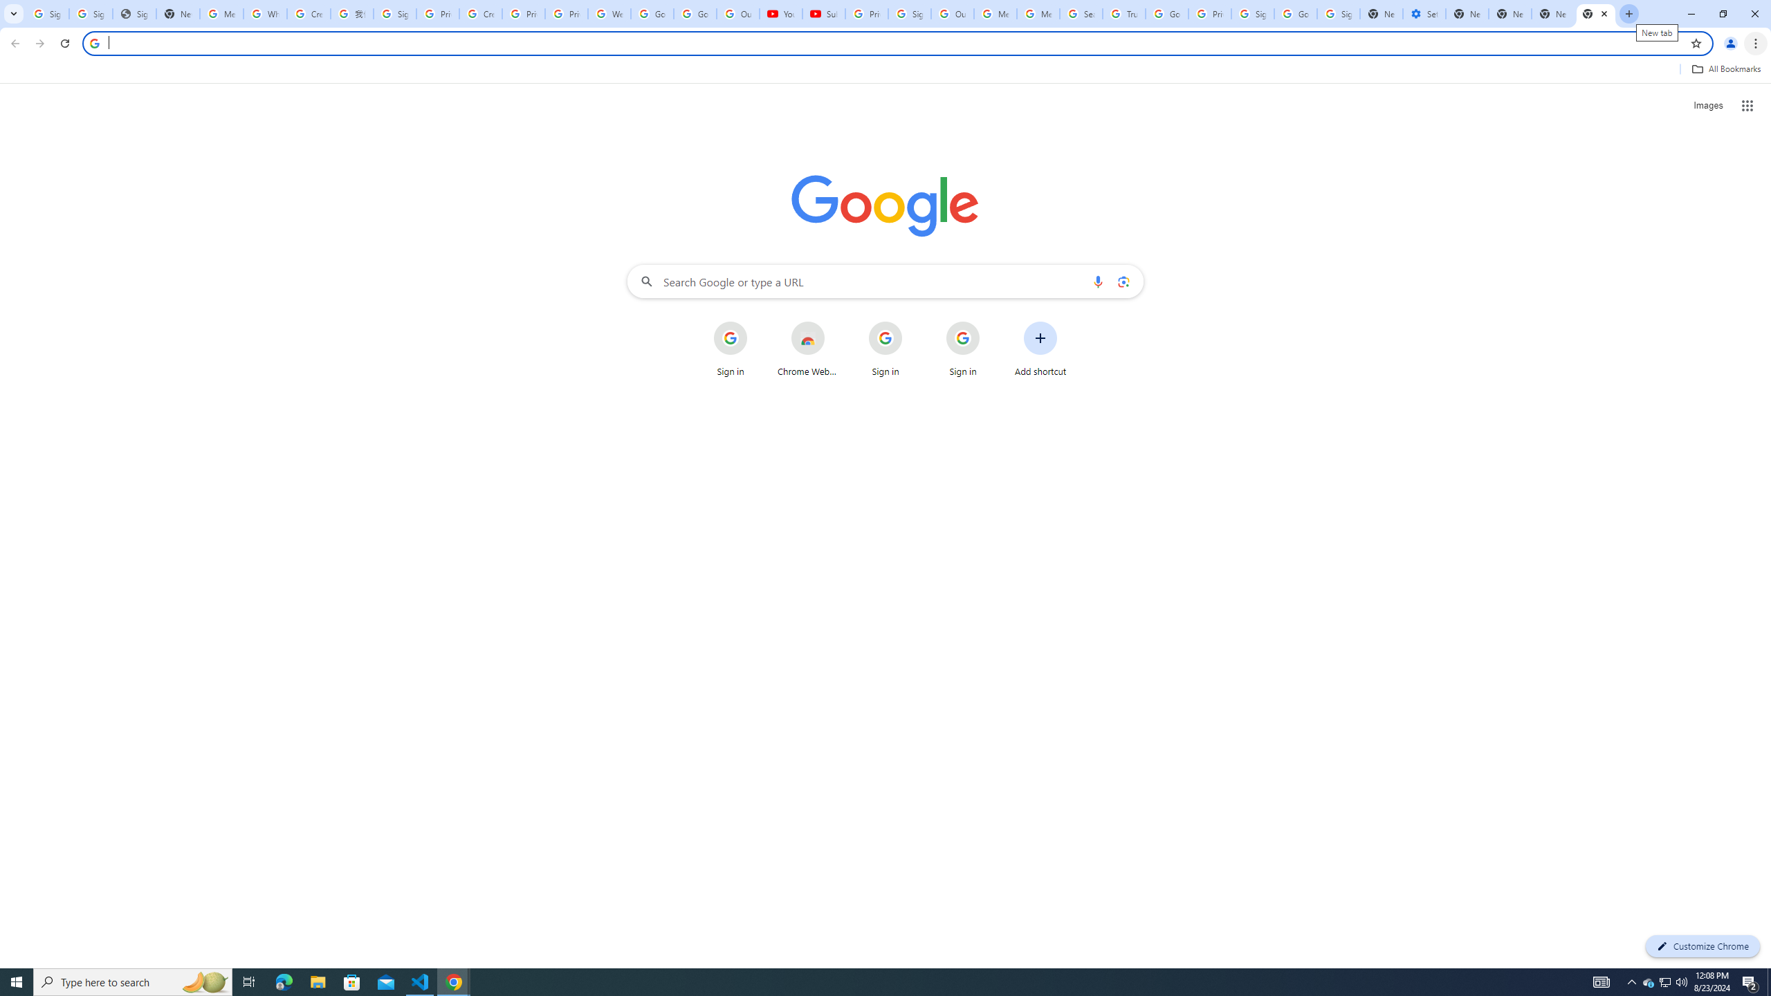 The height and width of the screenshot is (996, 1771). Describe the element at coordinates (780, 13) in the screenshot. I see `'YouTube'` at that location.